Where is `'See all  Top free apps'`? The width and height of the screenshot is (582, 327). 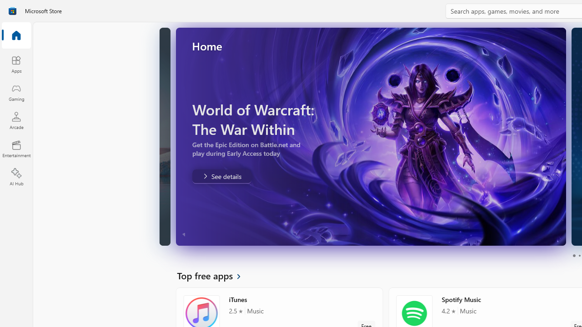
'See all  Top free apps' is located at coordinates (214, 275).